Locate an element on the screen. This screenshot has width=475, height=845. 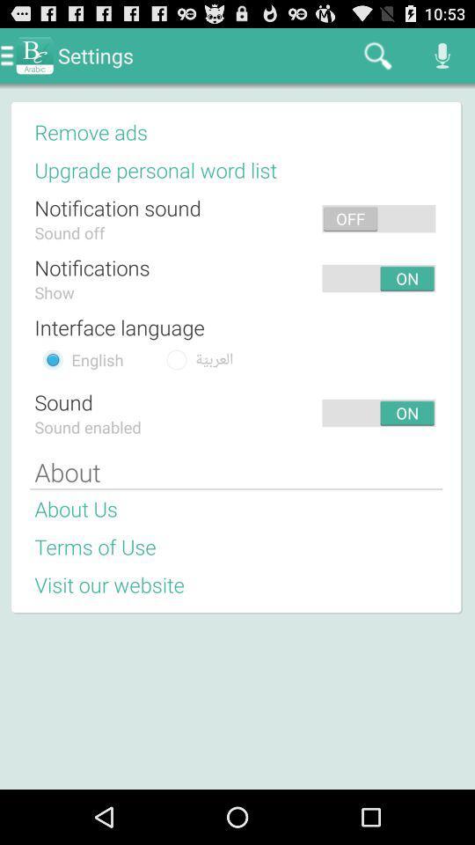
sound enabled icon is located at coordinates (87, 426).